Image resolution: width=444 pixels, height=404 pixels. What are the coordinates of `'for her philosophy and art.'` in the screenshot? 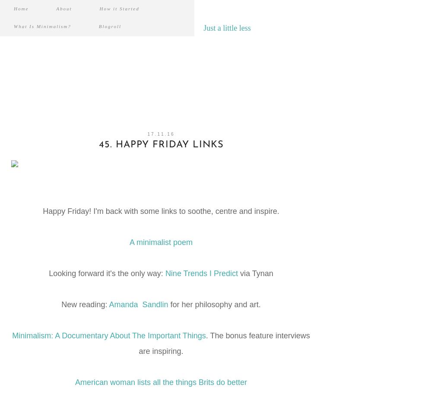 It's located at (215, 304).